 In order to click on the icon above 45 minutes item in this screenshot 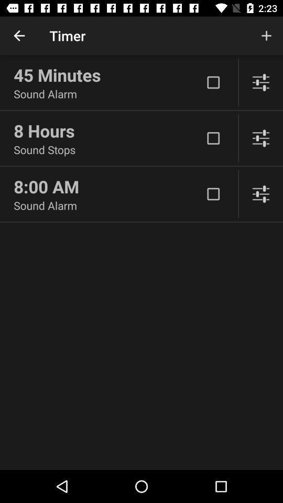, I will do `click(19, 36)`.